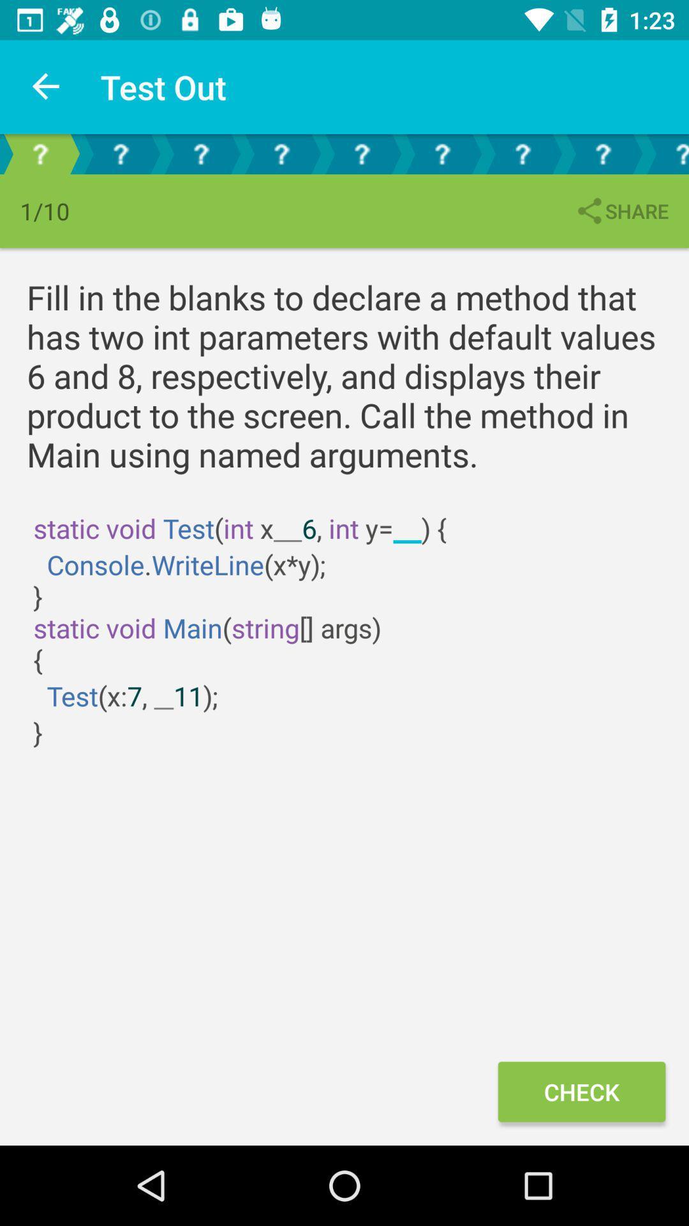 This screenshot has height=1226, width=689. I want to click on the help icon, so click(121, 153).